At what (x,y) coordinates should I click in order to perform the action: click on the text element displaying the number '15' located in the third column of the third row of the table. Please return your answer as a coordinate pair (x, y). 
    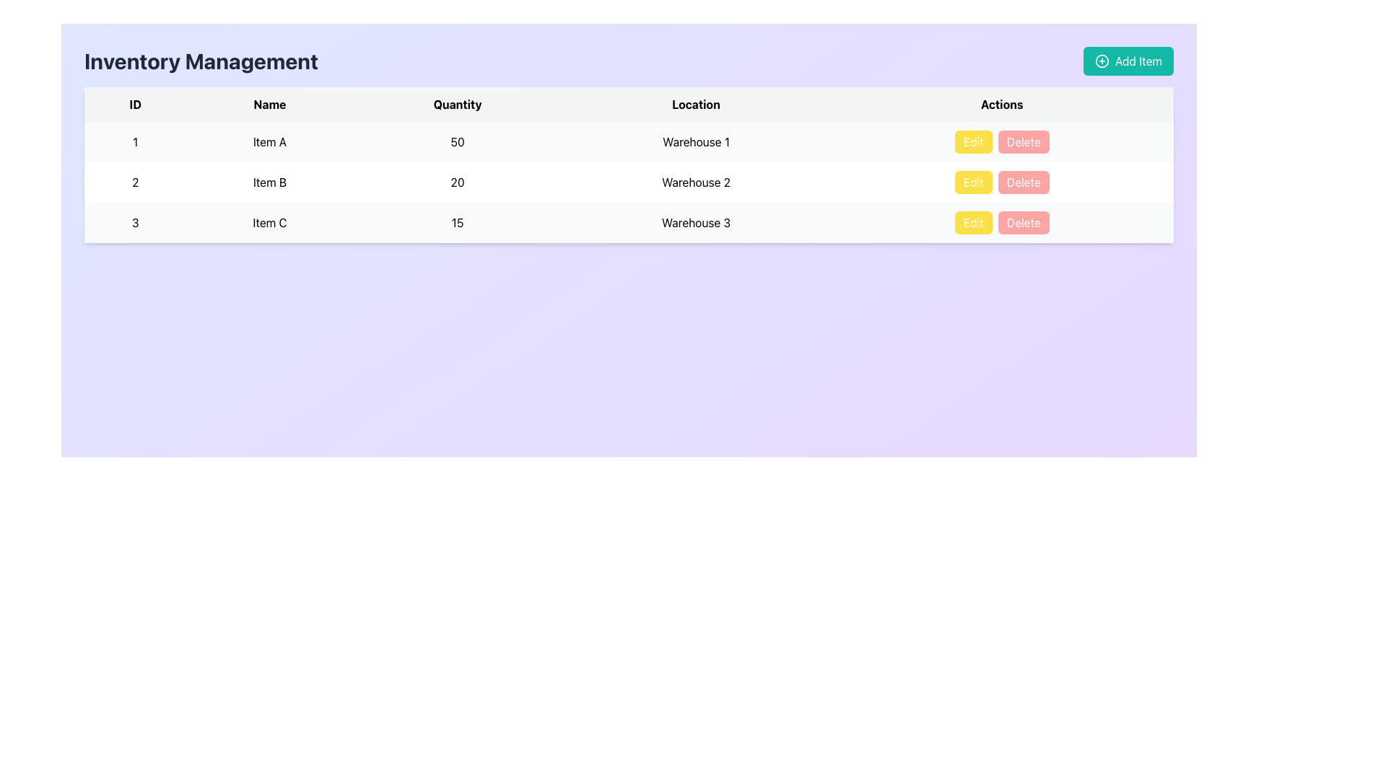
    Looking at the image, I should click on (456, 222).